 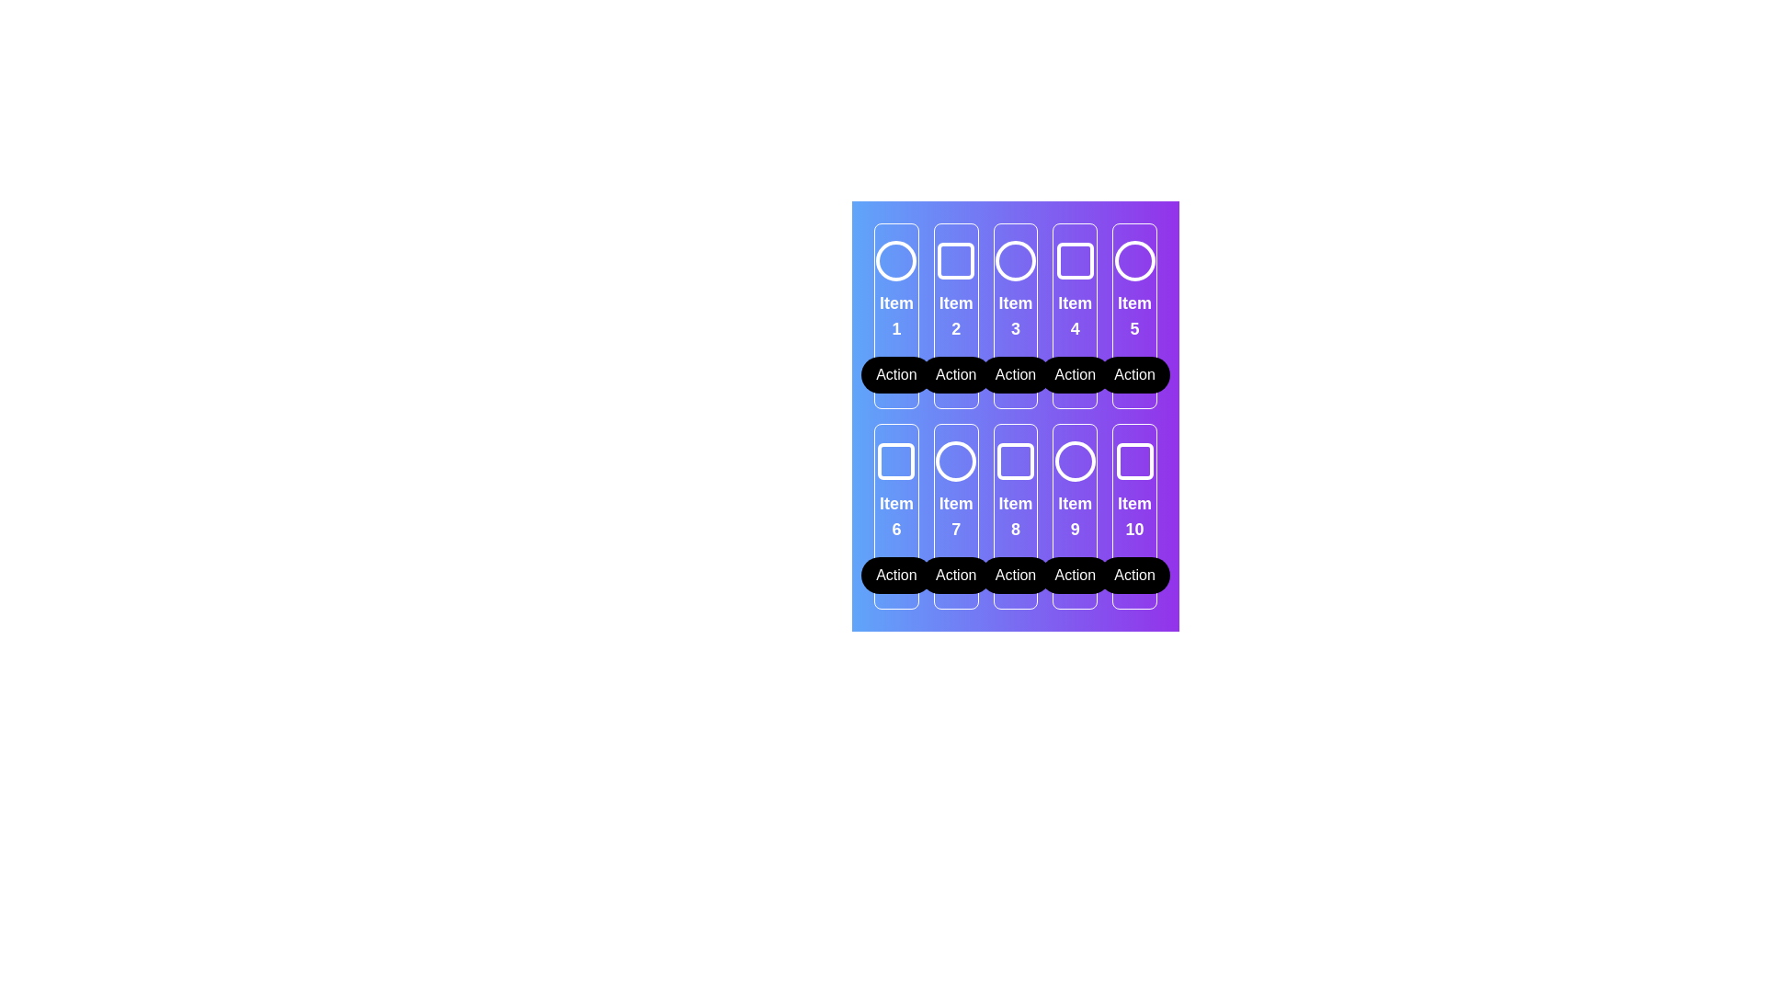 I want to click on square-shaped SVG icon with rounded corners, which is the second element in a horizontal sequence of five SVG containers, located at the top-right center of the main interface, so click(x=956, y=261).